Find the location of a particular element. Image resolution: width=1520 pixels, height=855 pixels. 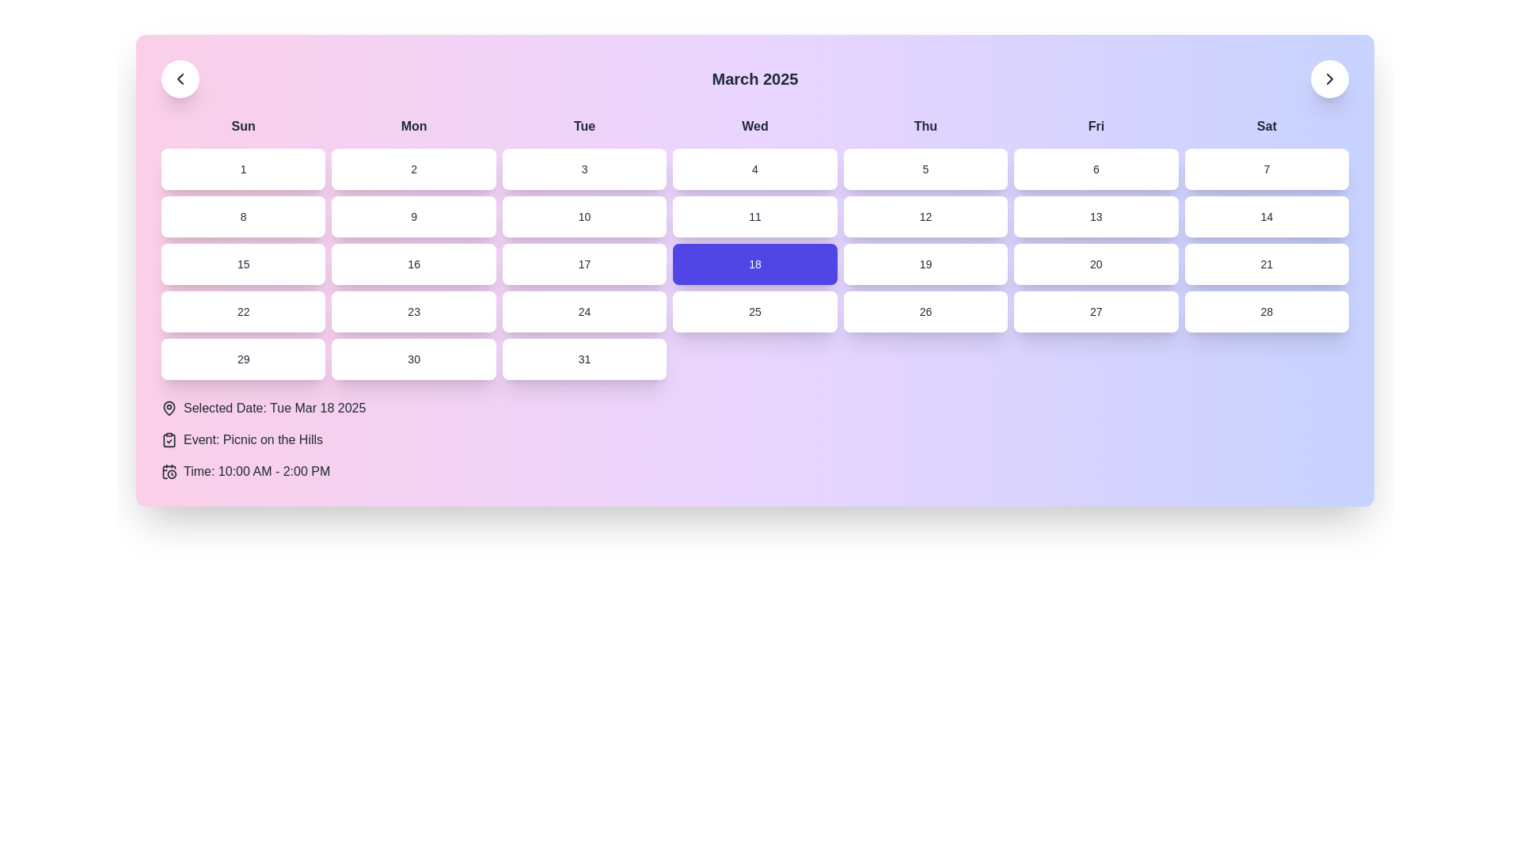

the button displaying the number '10' in the calendar view to initiate hover effects is located at coordinates (583, 216).